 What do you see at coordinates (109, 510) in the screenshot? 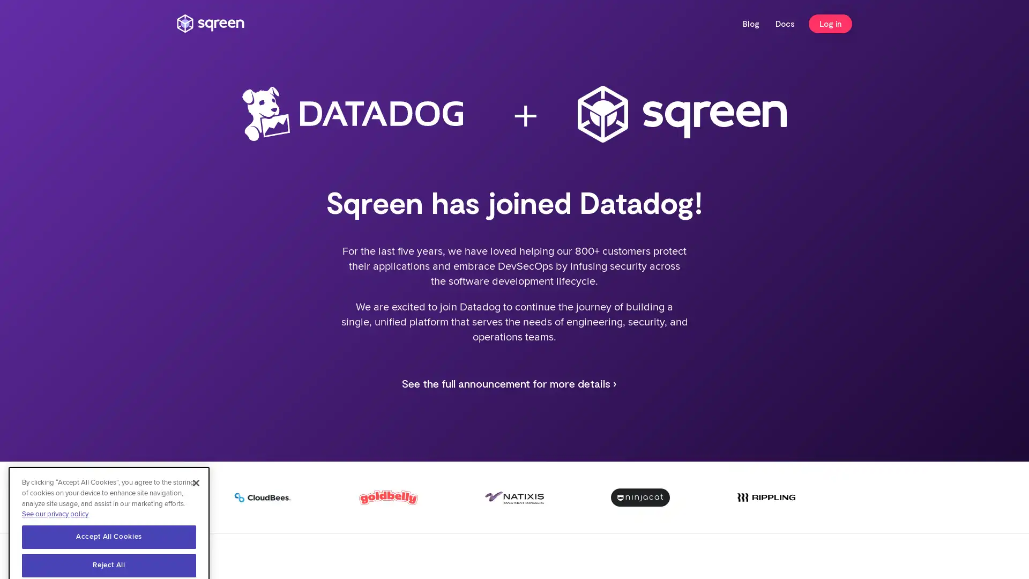
I see `Accept All Cookies` at bounding box center [109, 510].